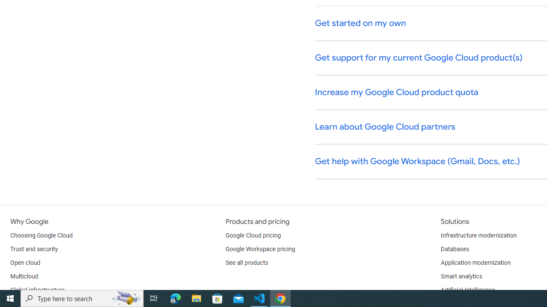 This screenshot has width=547, height=307. What do you see at coordinates (475, 263) in the screenshot?
I see `'Application modernization'` at bounding box center [475, 263].